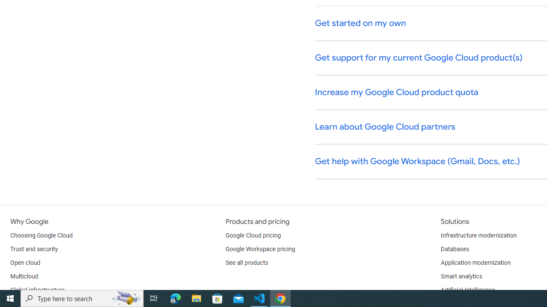 This screenshot has width=547, height=307. What do you see at coordinates (475, 263) in the screenshot?
I see `'Application modernization'` at bounding box center [475, 263].